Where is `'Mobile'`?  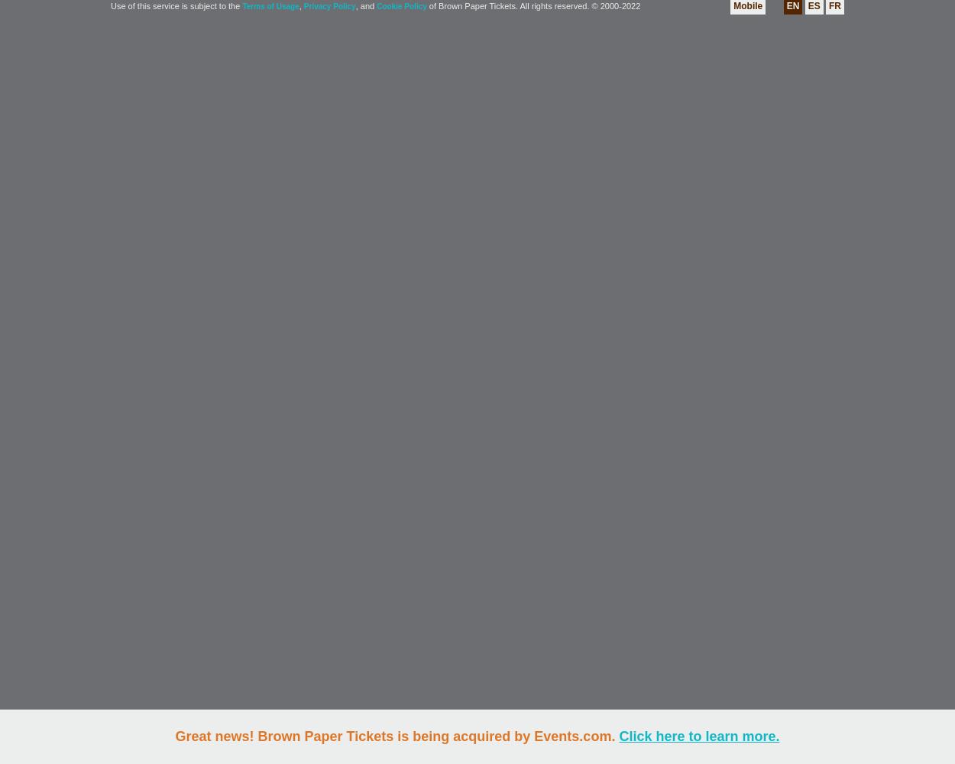
'Mobile' is located at coordinates (733, 6).